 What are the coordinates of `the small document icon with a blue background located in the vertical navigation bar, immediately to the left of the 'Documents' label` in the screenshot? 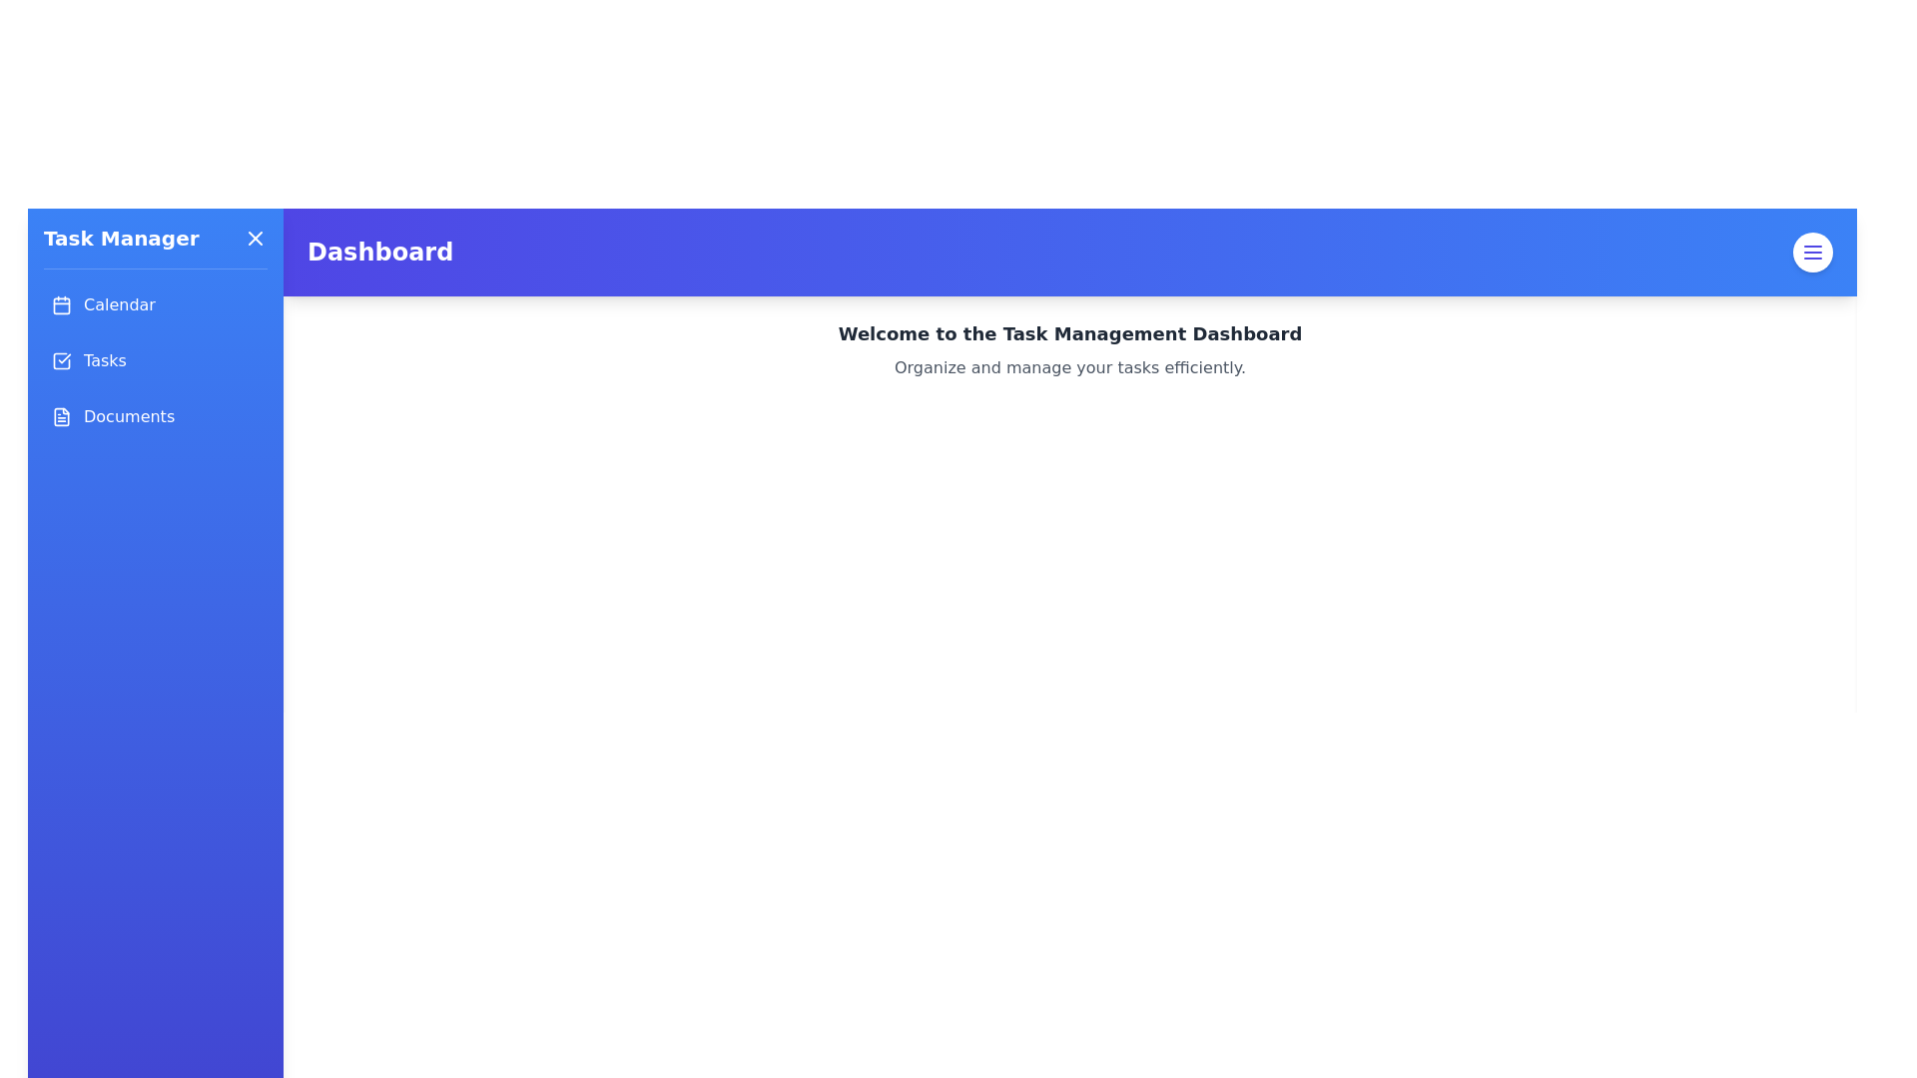 It's located at (62, 415).